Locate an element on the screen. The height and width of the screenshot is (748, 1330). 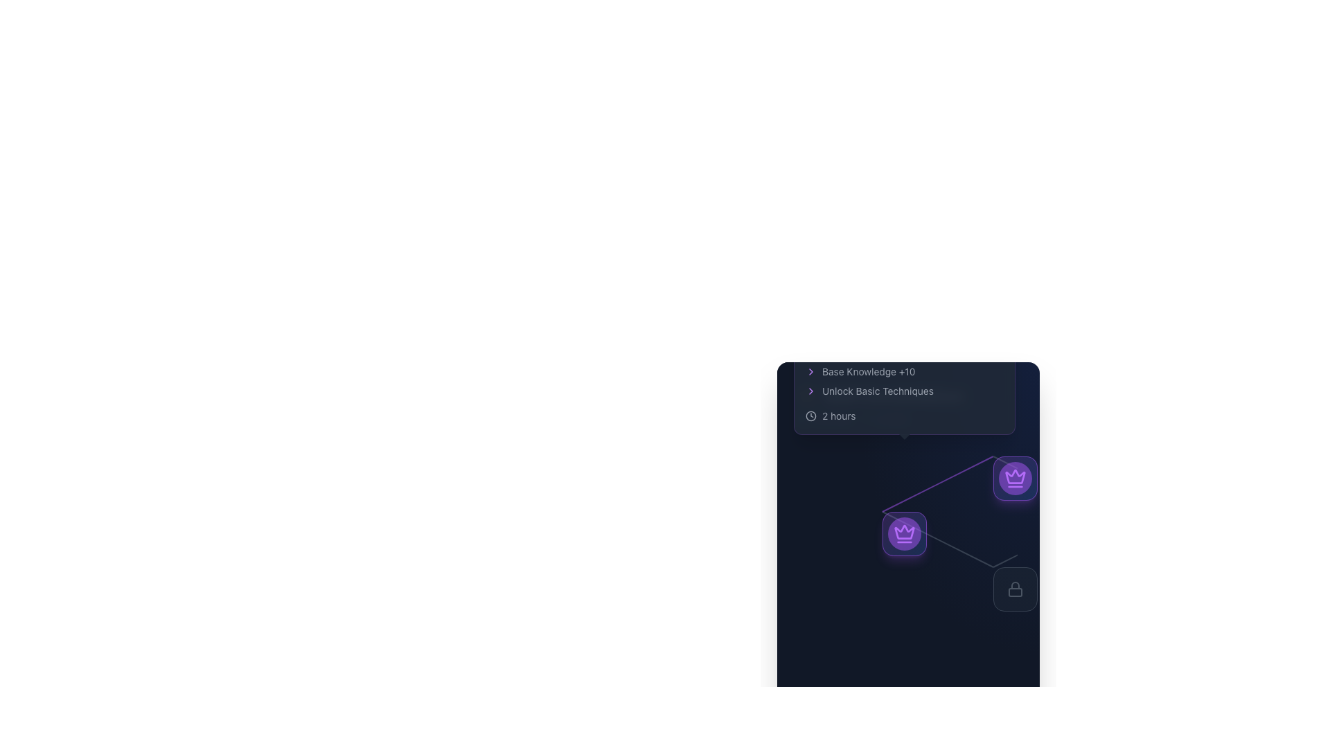
the rounded rectangular icon with a gradient background and a white crown symbol is located at coordinates (1015, 477).